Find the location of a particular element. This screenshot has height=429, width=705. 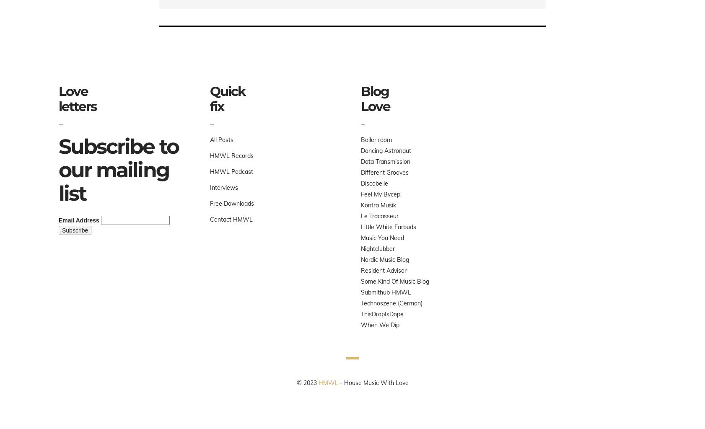

'Nordic Music Blog' is located at coordinates (384, 259).